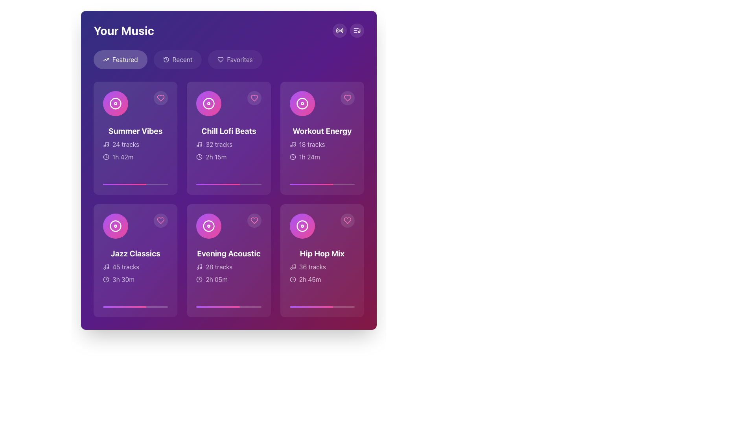  I want to click on the musical note icon located to the left of the text '28 tracks' within the 'Evening Acoustic' card in the second row, second column of the grid layout, so click(199, 266).